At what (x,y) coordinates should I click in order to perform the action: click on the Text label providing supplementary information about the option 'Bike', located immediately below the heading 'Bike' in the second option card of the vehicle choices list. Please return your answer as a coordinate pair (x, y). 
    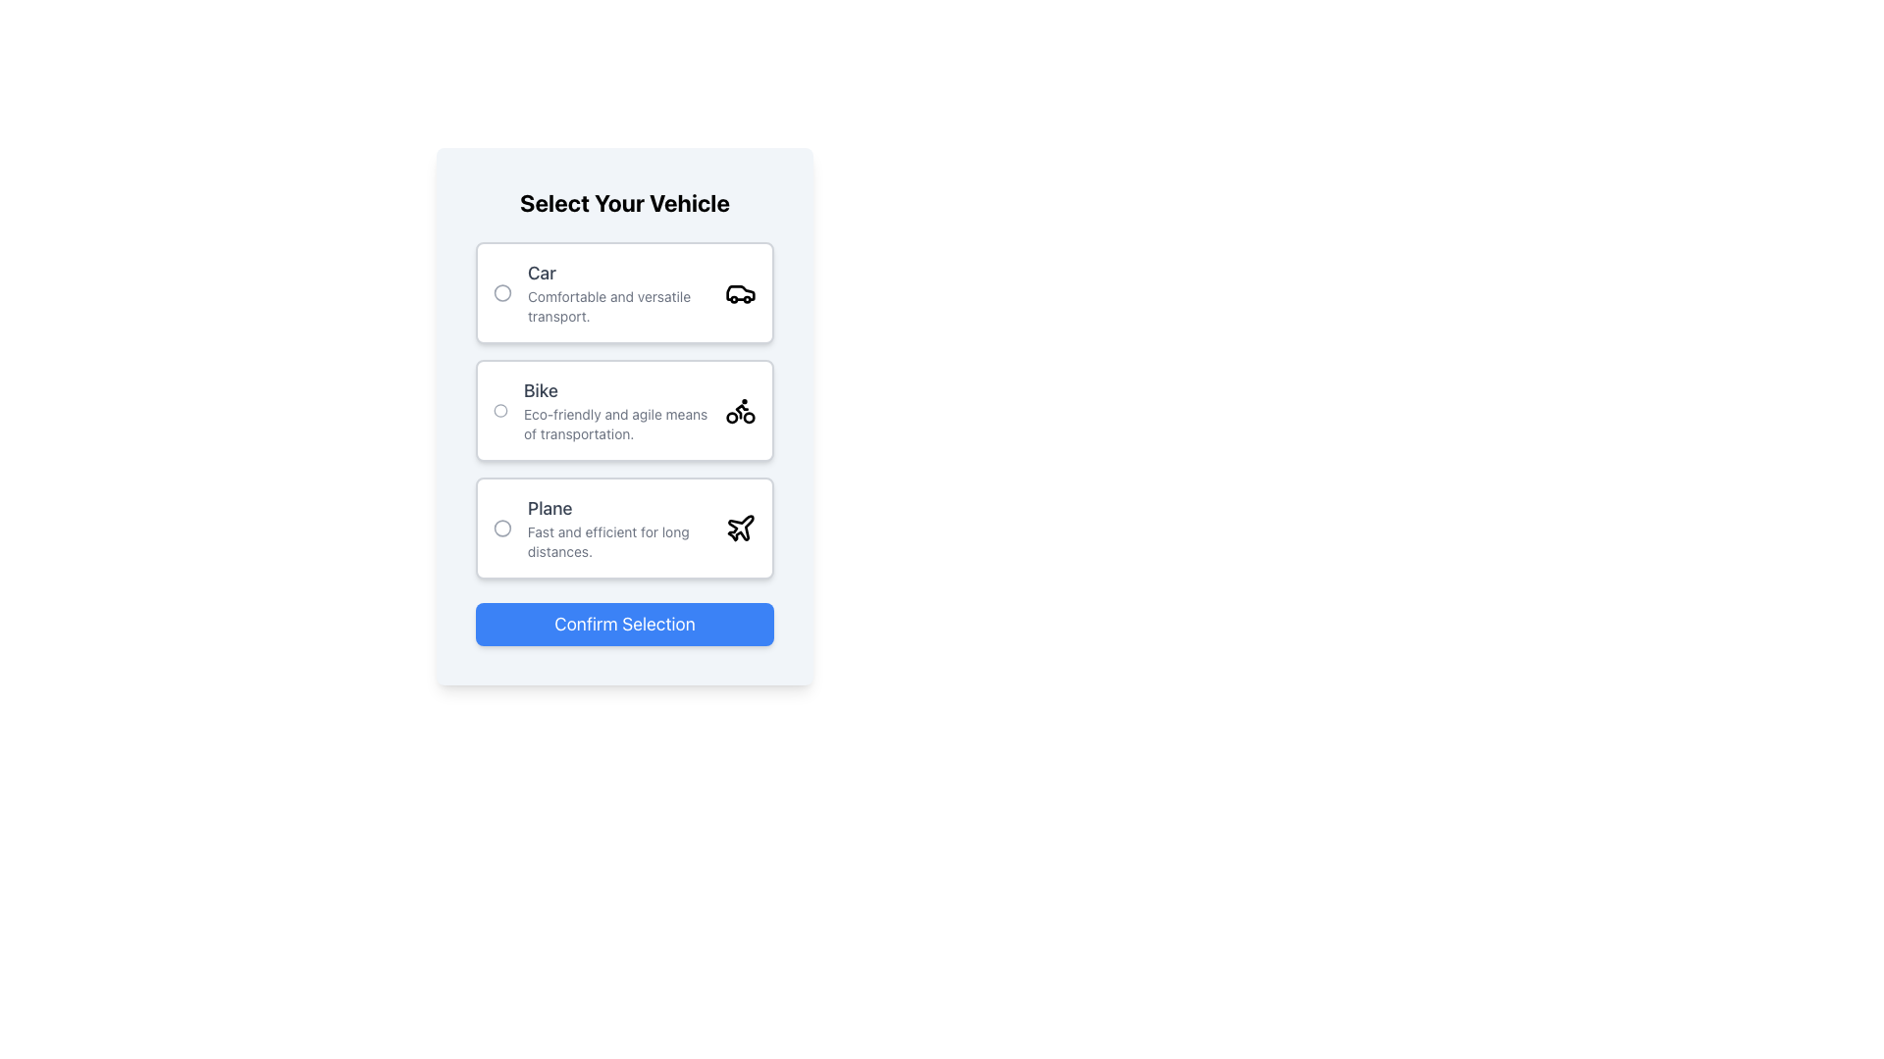
    Looking at the image, I should click on (615, 423).